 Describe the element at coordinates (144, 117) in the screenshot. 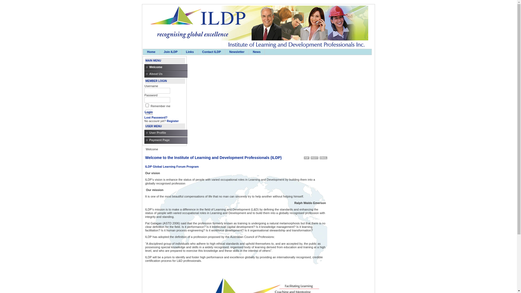

I see `'Lost Password?'` at that location.